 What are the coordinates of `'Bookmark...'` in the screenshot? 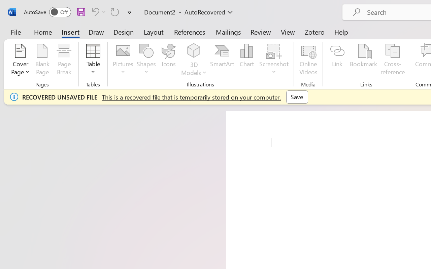 It's located at (363, 60).